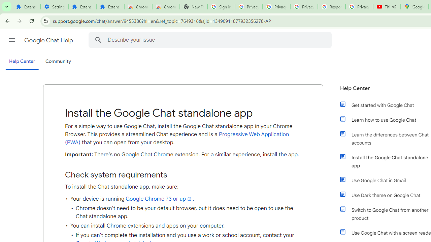  What do you see at coordinates (110, 7) in the screenshot?
I see `'Extensions'` at bounding box center [110, 7].